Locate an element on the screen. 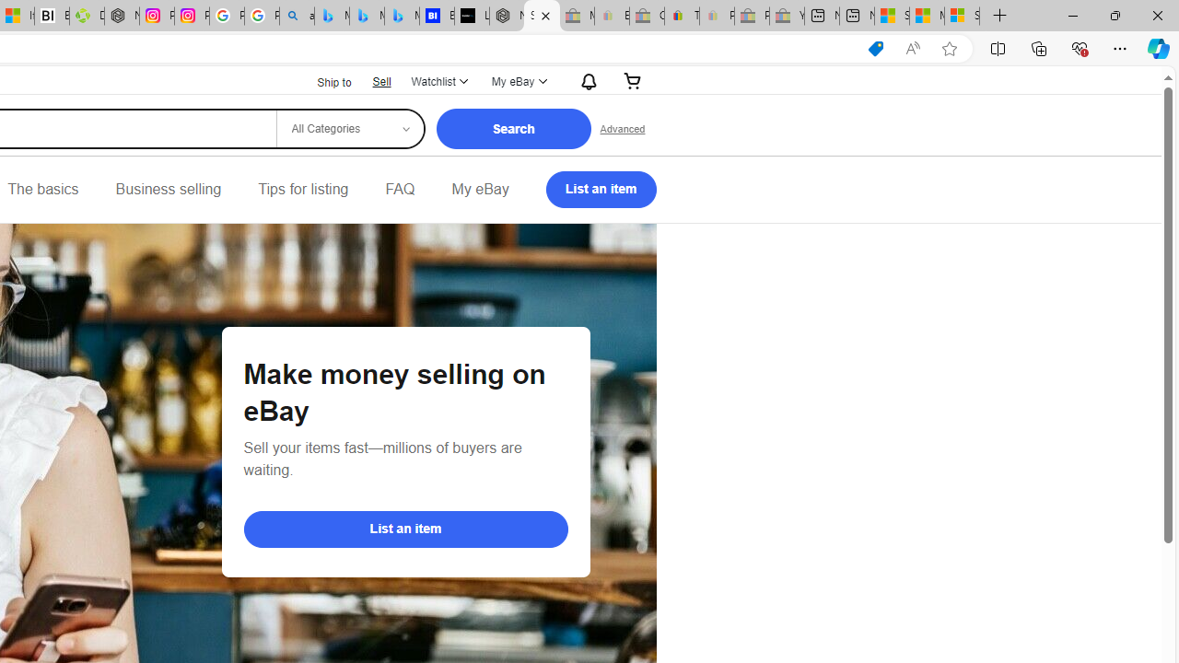 The image size is (1179, 663). 'Selling on eBay | Electronics, Fashion, Home & Garden | eBay' is located at coordinates (541, 16).